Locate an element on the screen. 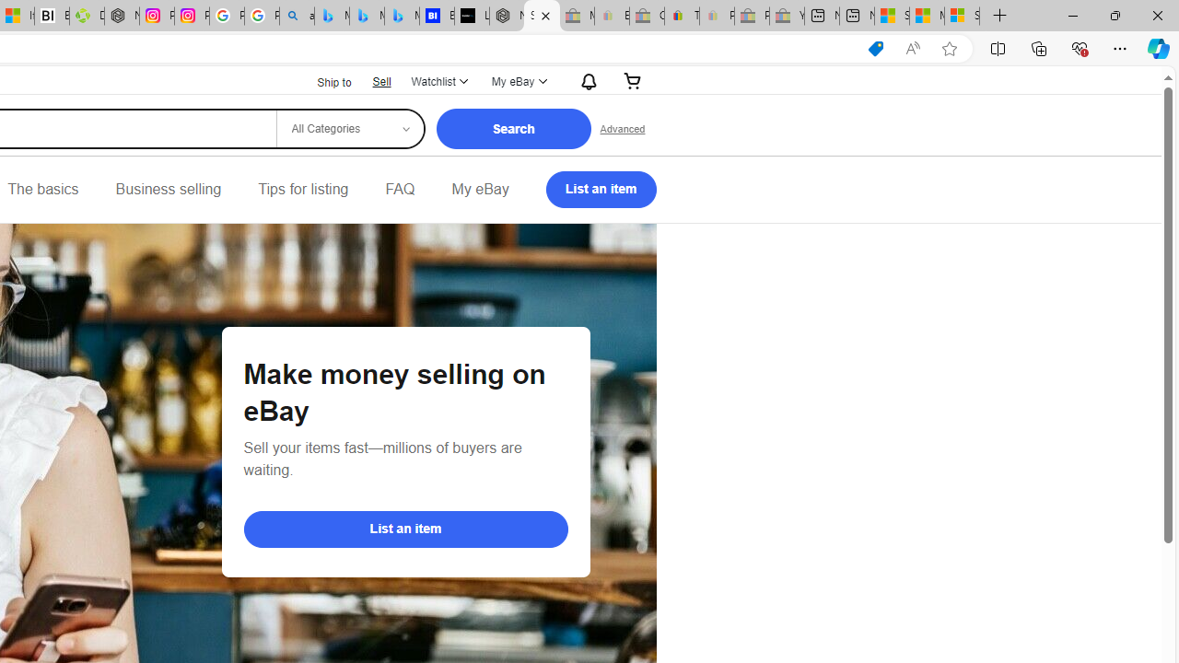 The image size is (1179, 663). 'Selling on eBay | Electronics, Fashion, Home & Garden | eBay' is located at coordinates (541, 16).